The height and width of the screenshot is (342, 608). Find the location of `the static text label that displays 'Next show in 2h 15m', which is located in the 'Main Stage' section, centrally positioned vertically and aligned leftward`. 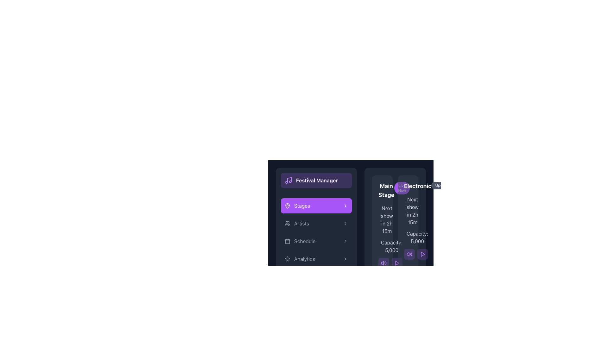

the static text label that displays 'Next show in 2h 15m', which is located in the 'Main Stage' section, centrally positioned vertically and aligned leftward is located at coordinates (387, 219).